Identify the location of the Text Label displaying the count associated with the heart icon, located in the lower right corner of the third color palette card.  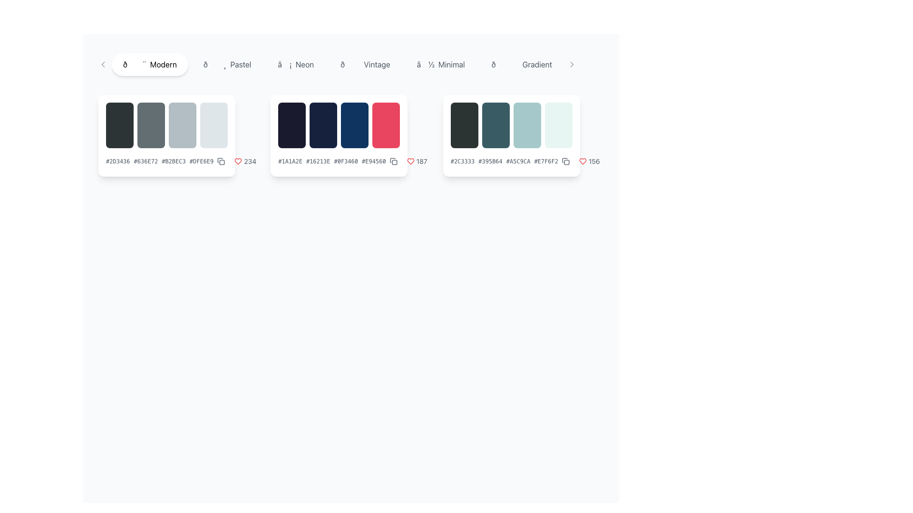
(578, 161).